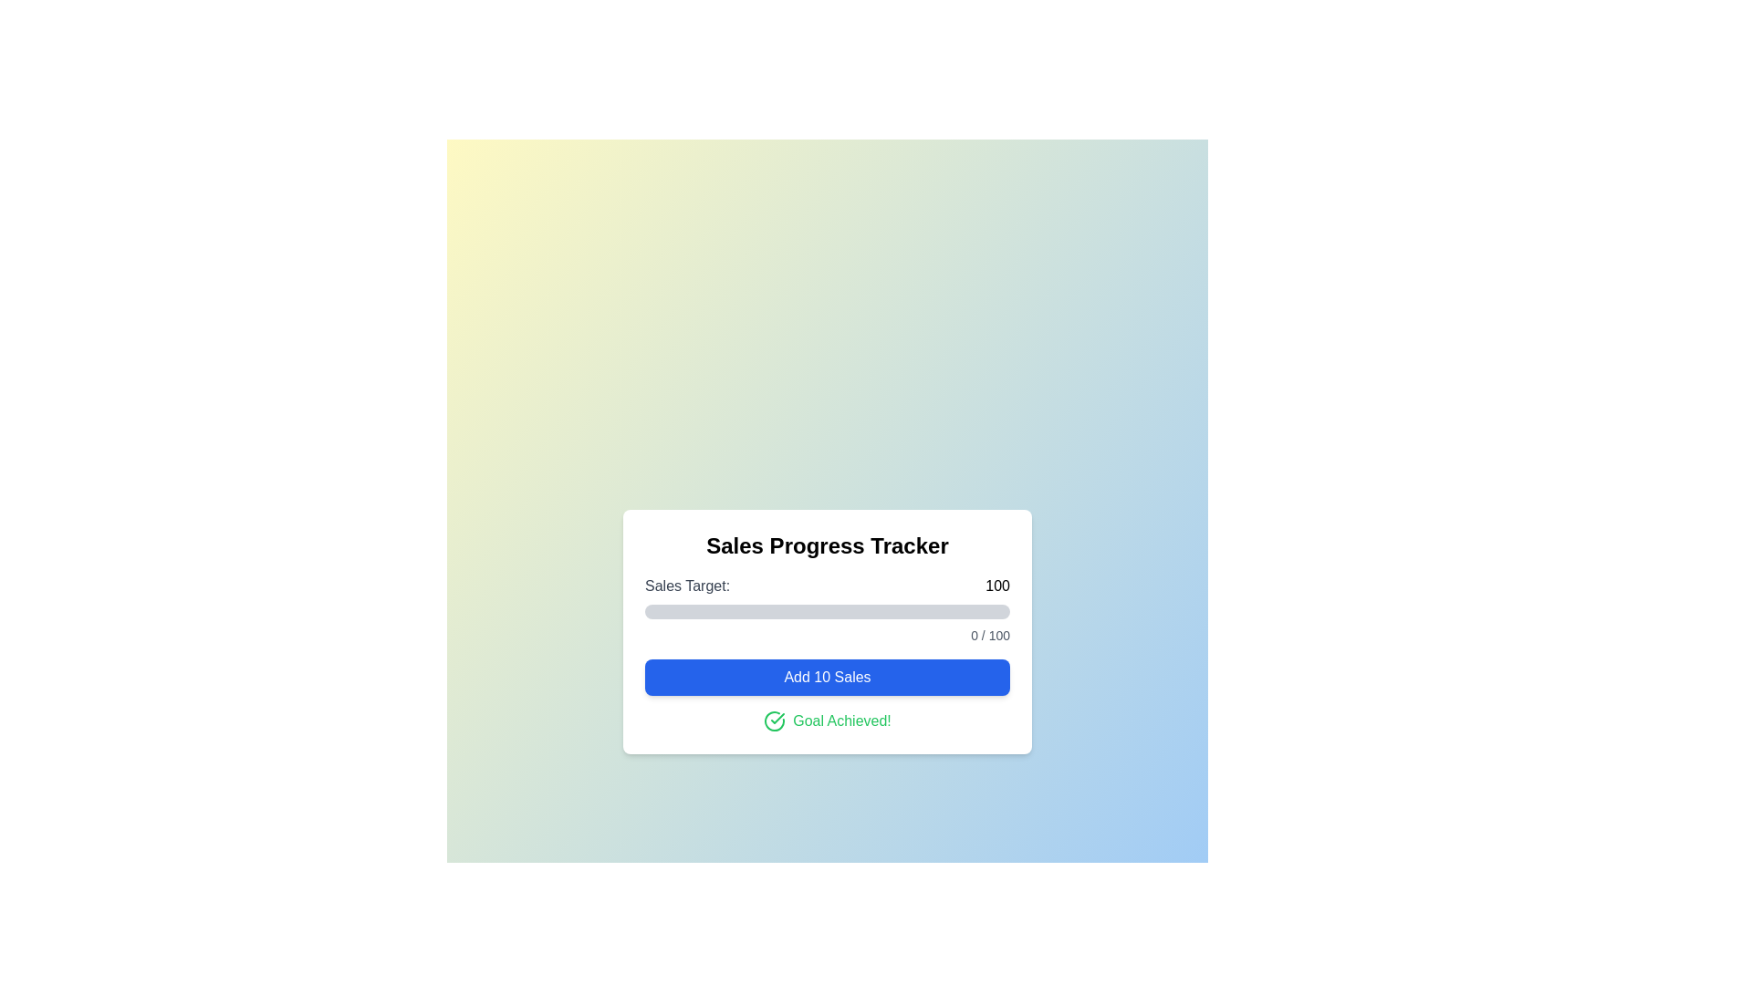  What do you see at coordinates (827, 612) in the screenshot?
I see `the progress bar that visually represents the progress towards a sales target, located beneath the 'Sales Target:' label and above the numerical progress indicator '0 / 100'` at bounding box center [827, 612].